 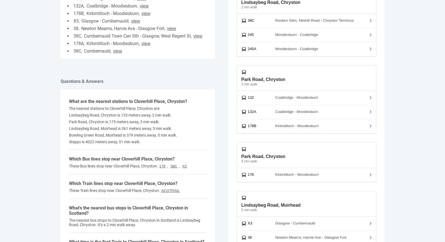 What do you see at coordinates (270, 205) in the screenshot?
I see `'Lindsaybeg Road, Muirhead'` at bounding box center [270, 205].